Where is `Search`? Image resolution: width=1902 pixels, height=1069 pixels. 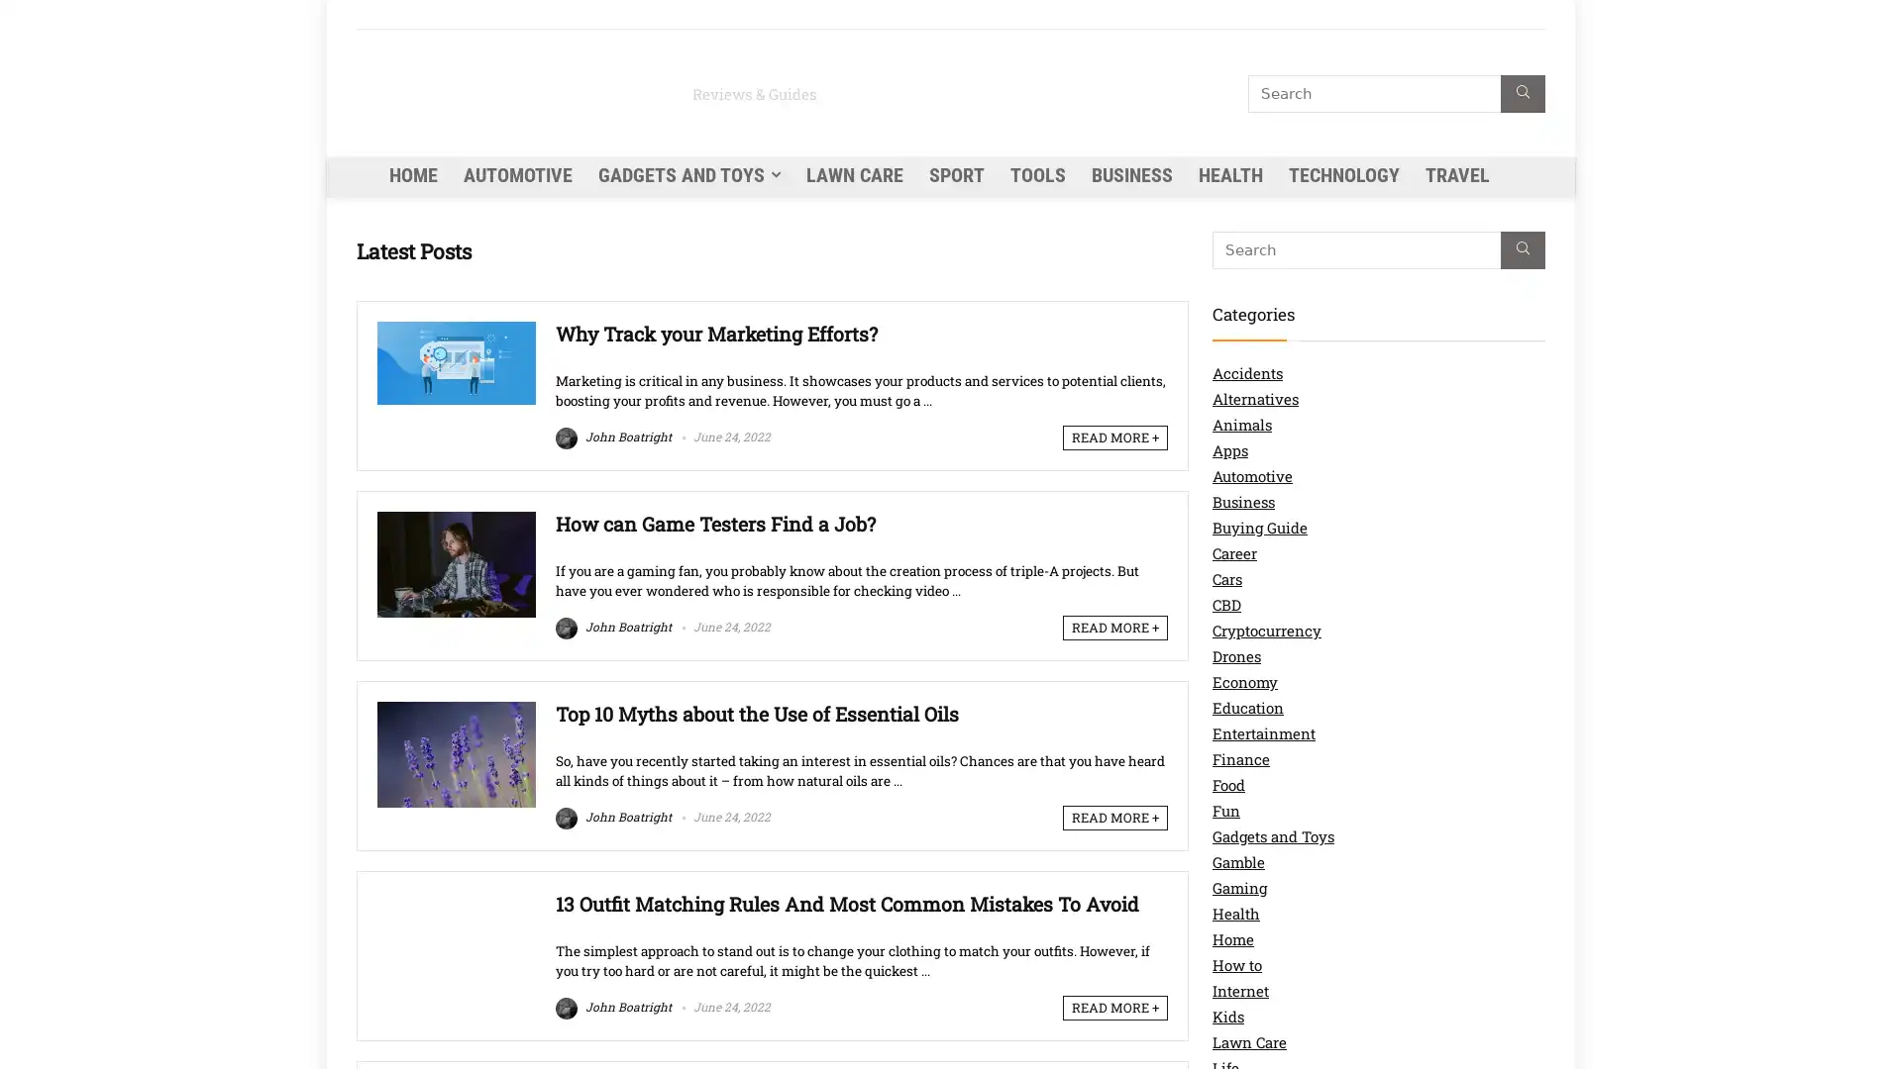
Search is located at coordinates (1522, 94).